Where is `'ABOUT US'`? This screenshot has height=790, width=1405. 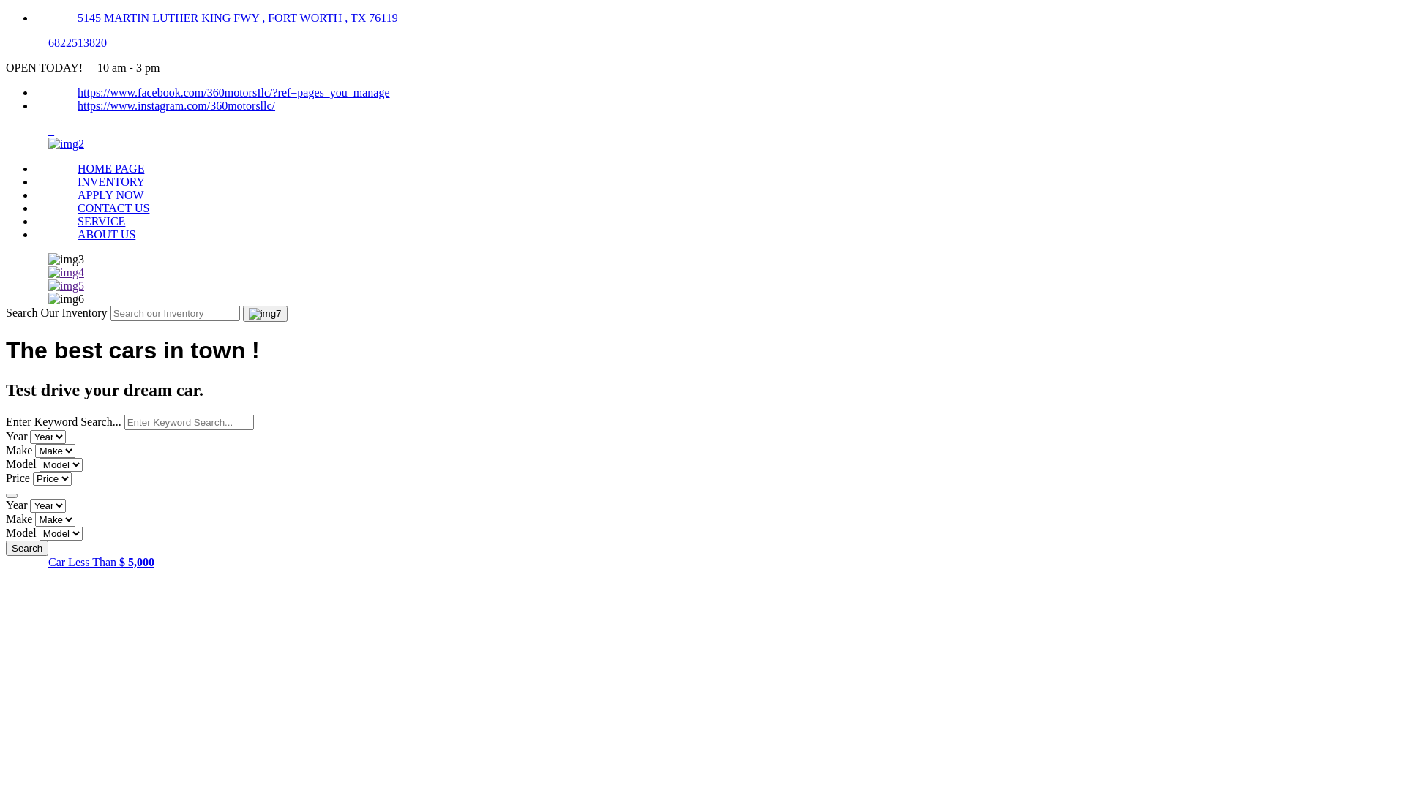 'ABOUT US' is located at coordinates (105, 233).